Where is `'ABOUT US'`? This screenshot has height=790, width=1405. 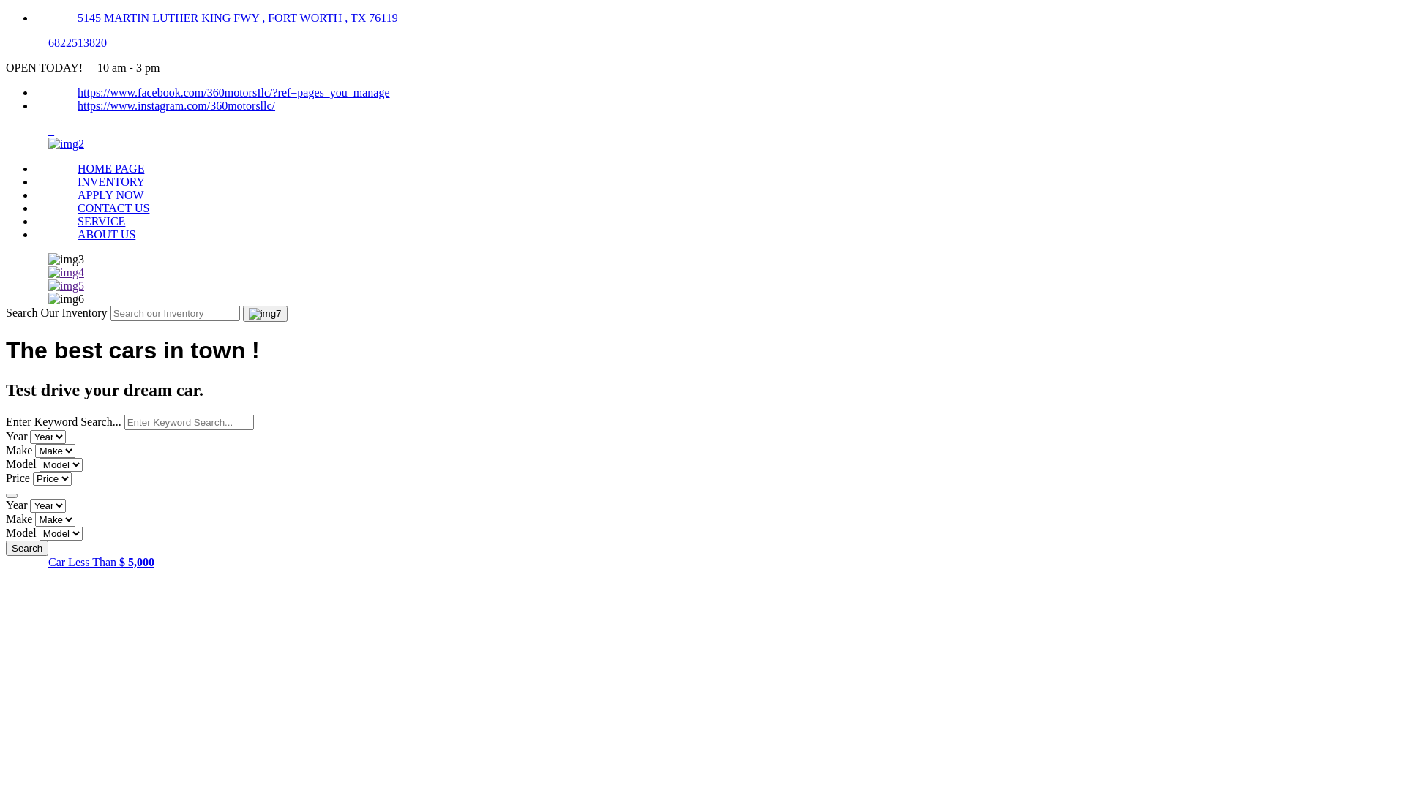 'ABOUT US' is located at coordinates (105, 233).